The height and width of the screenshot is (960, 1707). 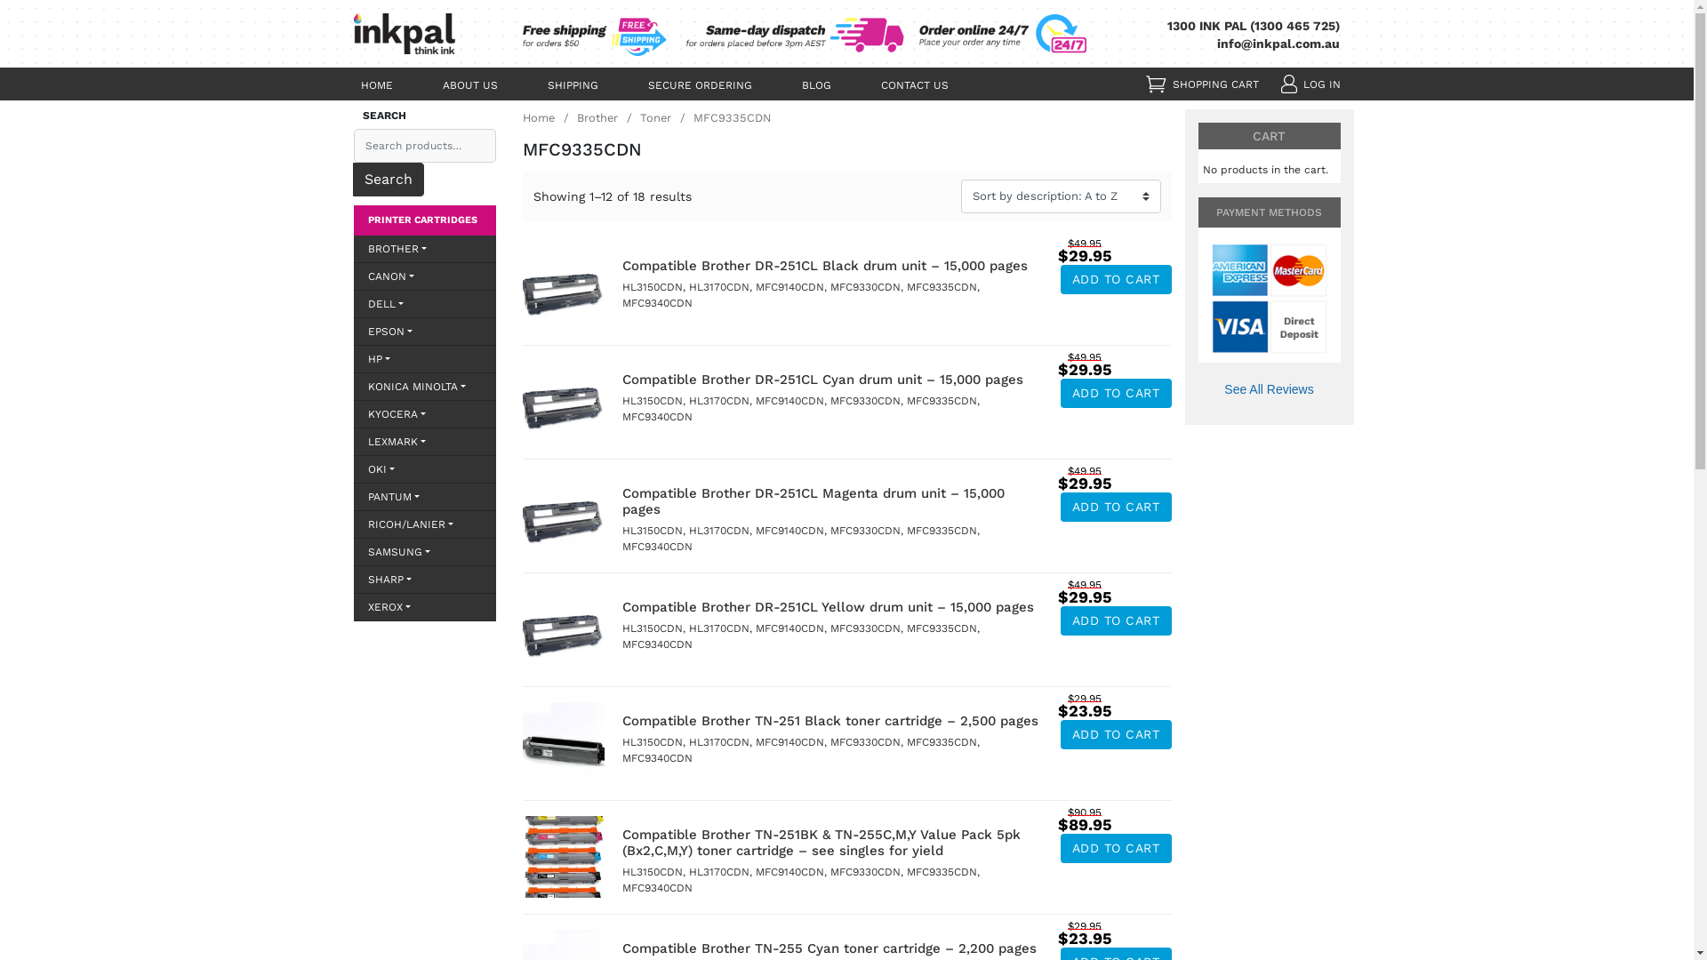 What do you see at coordinates (1114, 279) in the screenshot?
I see `'ADD TO CART'` at bounding box center [1114, 279].